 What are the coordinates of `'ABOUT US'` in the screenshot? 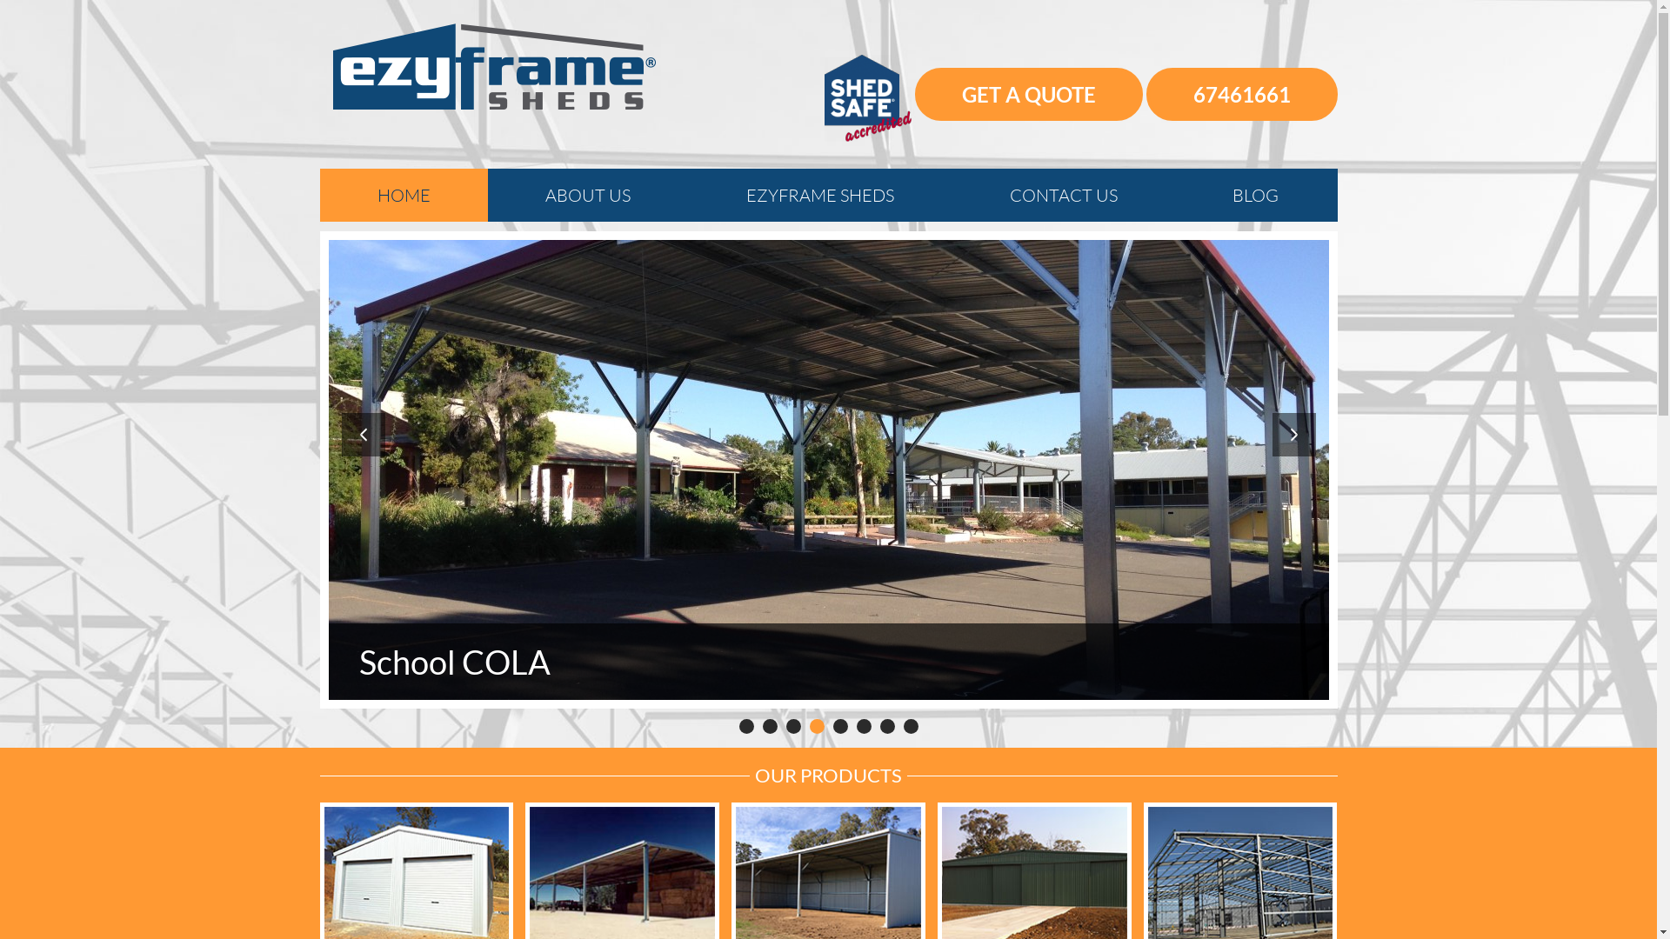 It's located at (588, 195).